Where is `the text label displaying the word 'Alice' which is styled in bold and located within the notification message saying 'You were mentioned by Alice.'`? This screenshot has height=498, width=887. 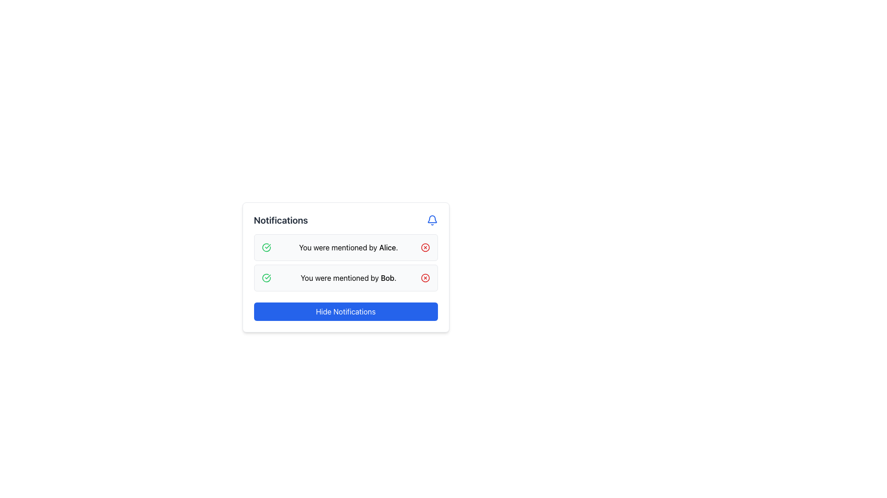
the text label displaying the word 'Alice' which is styled in bold and located within the notification message saying 'You were mentioned by Alice.' is located at coordinates (388, 247).